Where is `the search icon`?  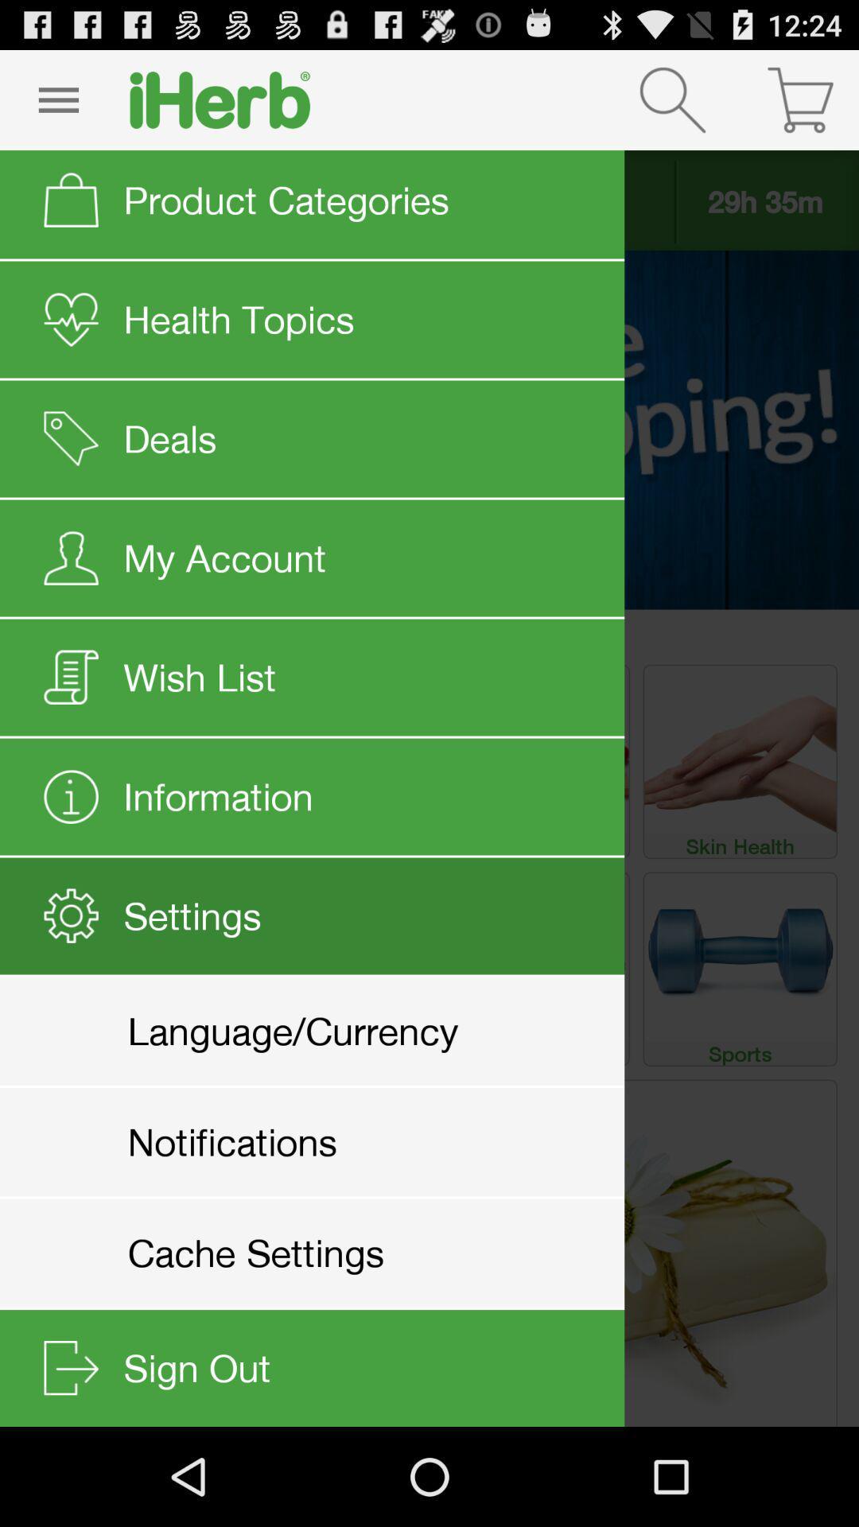 the search icon is located at coordinates (672, 106).